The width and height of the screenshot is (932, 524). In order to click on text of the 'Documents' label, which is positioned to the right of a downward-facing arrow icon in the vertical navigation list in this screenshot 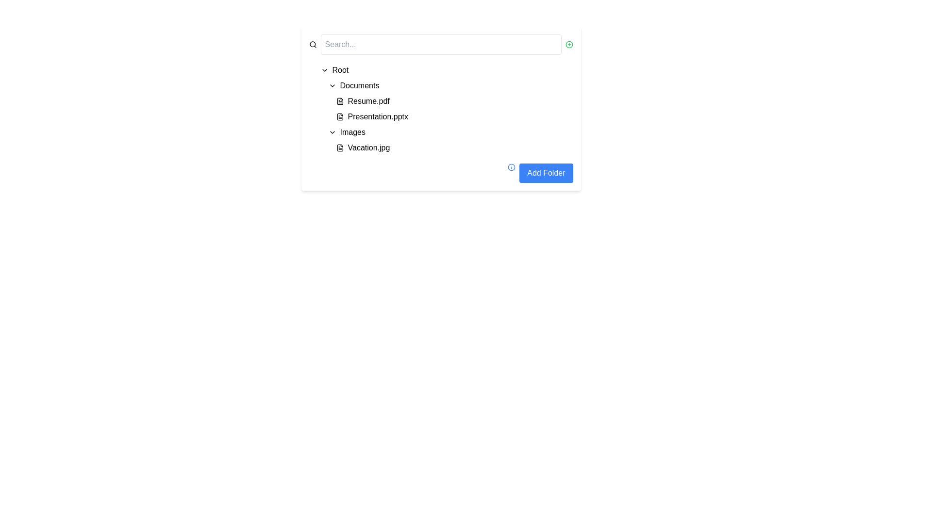, I will do `click(359, 85)`.